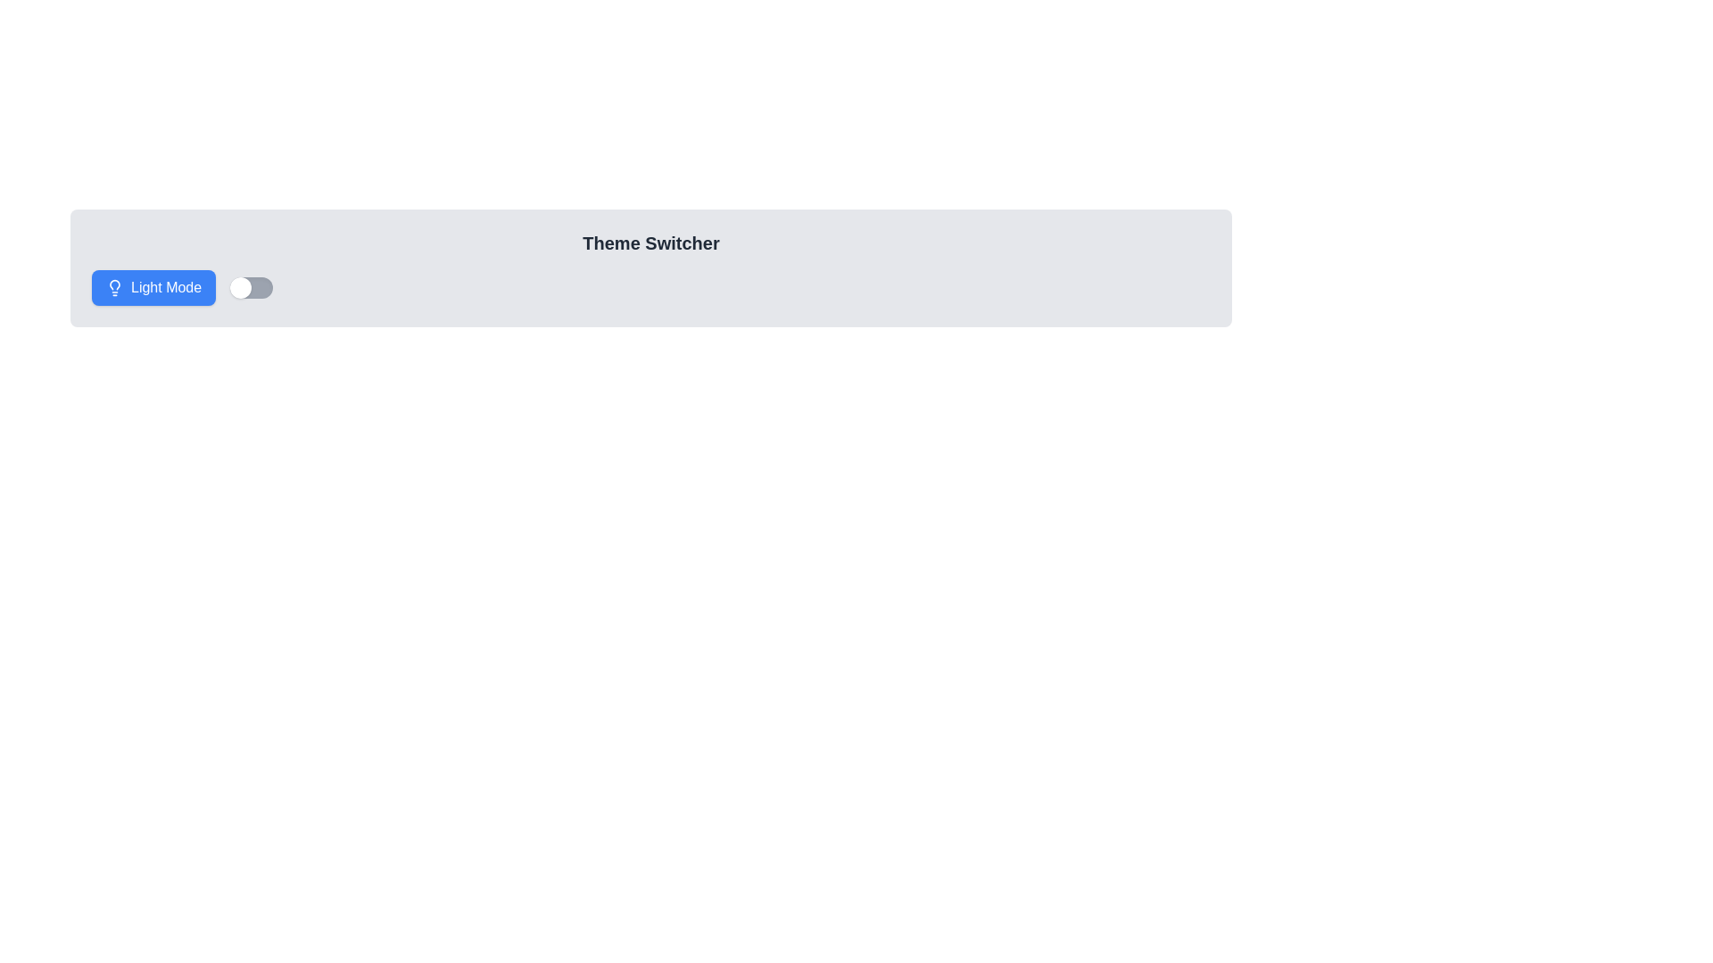 This screenshot has height=963, width=1713. What do you see at coordinates (166, 287) in the screenshot?
I see `the static text label that indicates the current theme mode (Light or Dark)` at bounding box center [166, 287].